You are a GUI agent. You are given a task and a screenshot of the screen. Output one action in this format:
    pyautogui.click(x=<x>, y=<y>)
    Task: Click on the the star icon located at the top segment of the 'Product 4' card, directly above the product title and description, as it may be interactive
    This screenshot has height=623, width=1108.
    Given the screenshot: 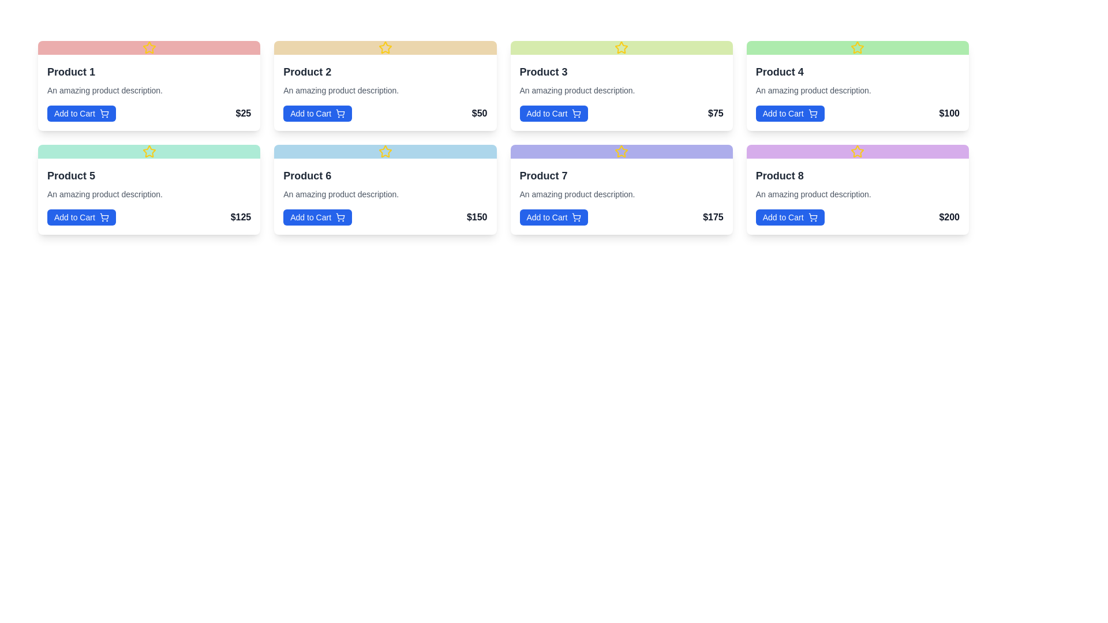 What is the action you would take?
    pyautogui.click(x=858, y=47)
    